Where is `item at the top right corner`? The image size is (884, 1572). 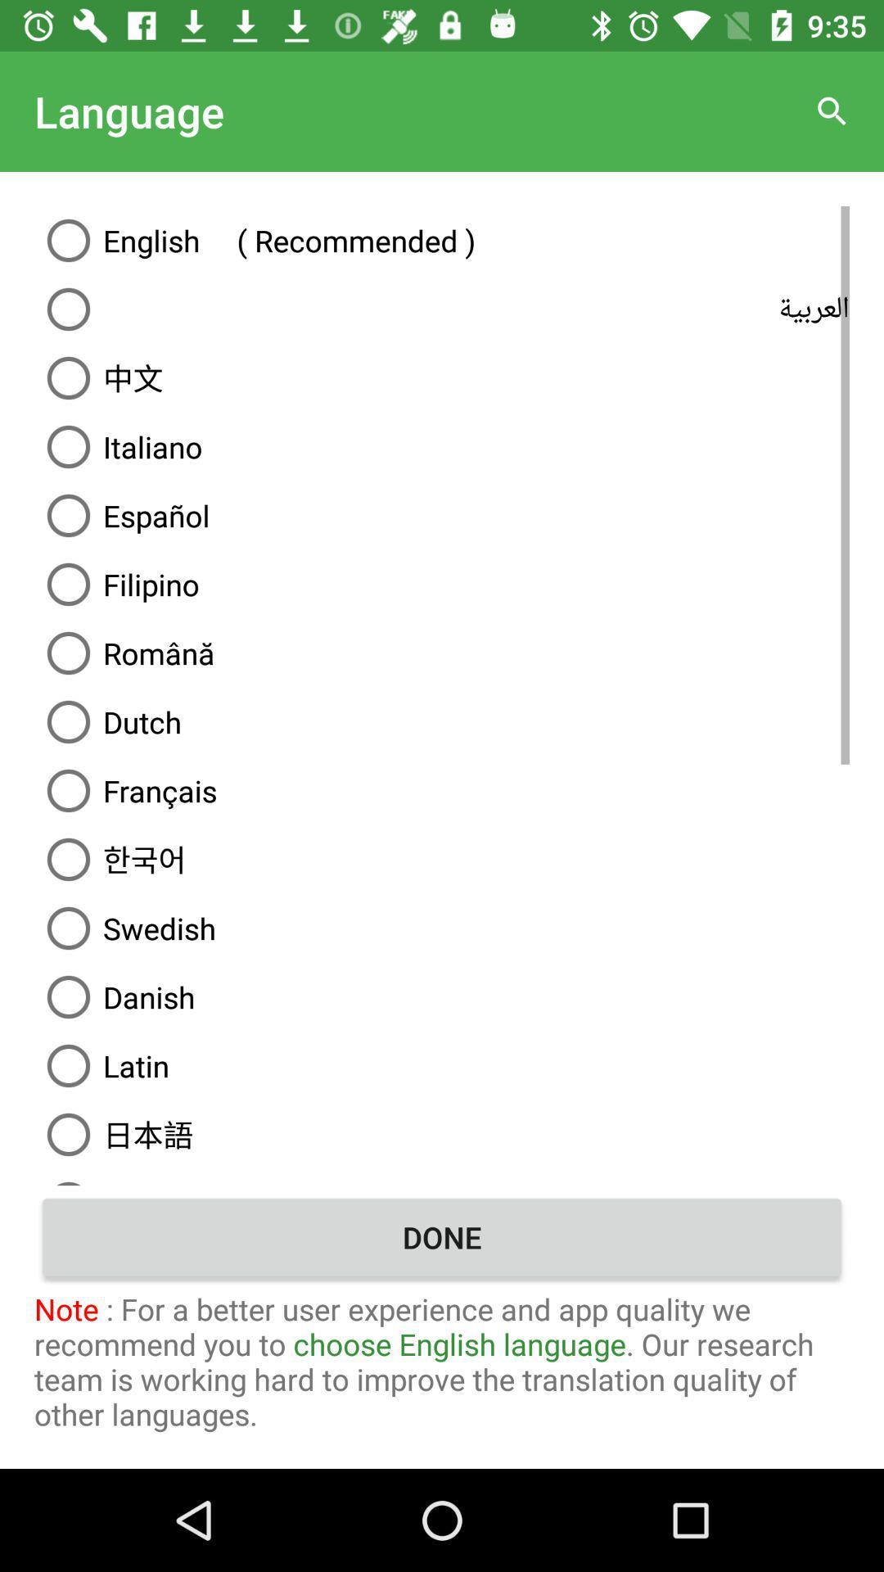 item at the top right corner is located at coordinates (832, 111).